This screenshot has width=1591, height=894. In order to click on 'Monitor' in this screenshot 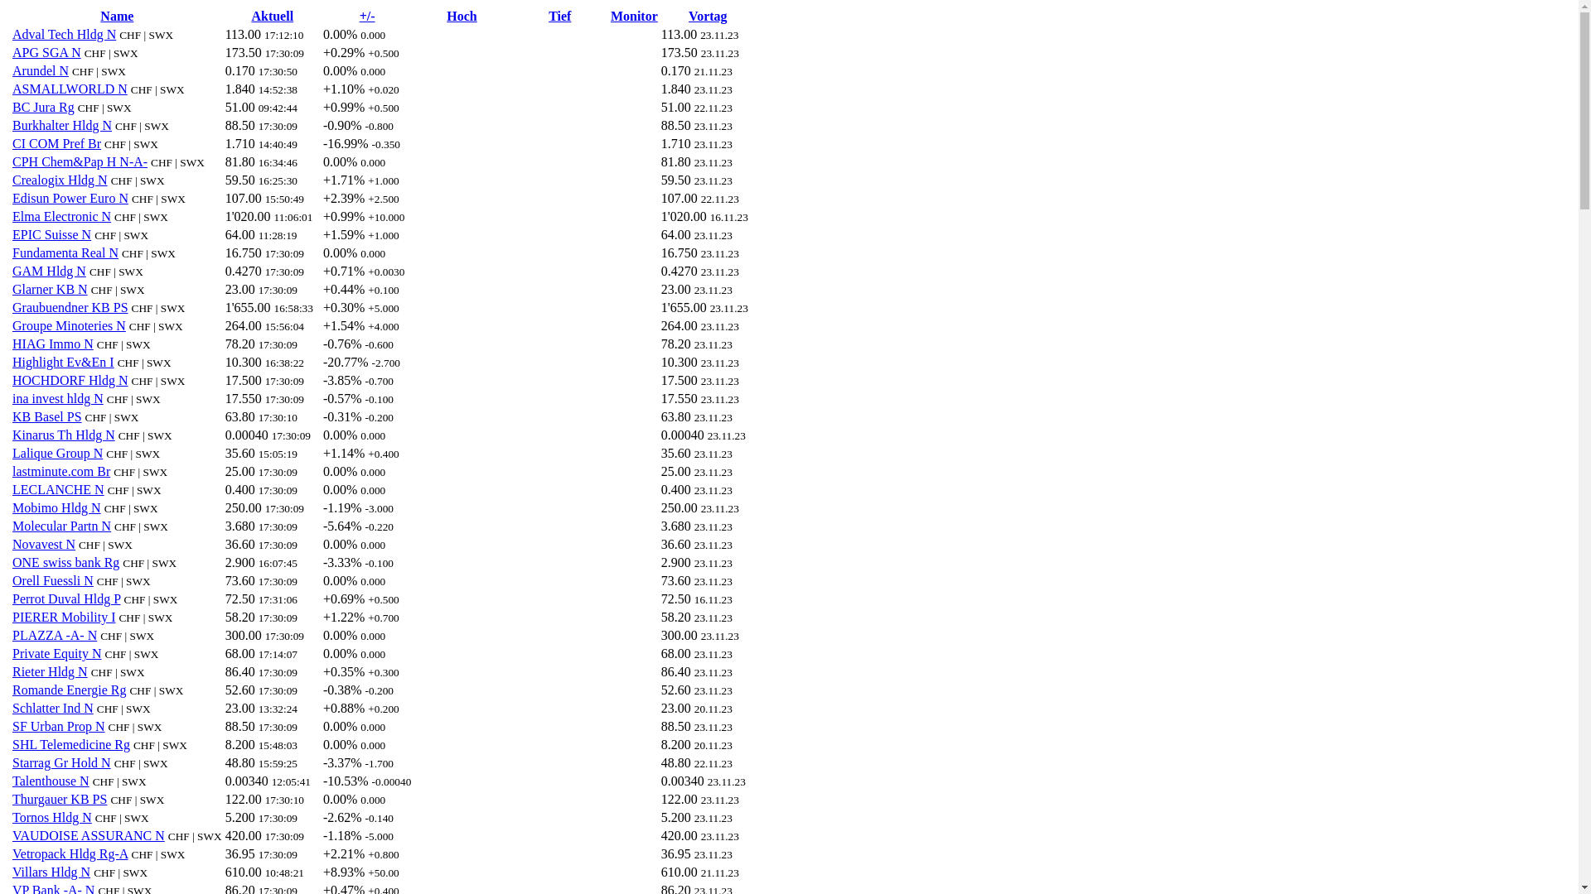, I will do `click(633, 16)`.